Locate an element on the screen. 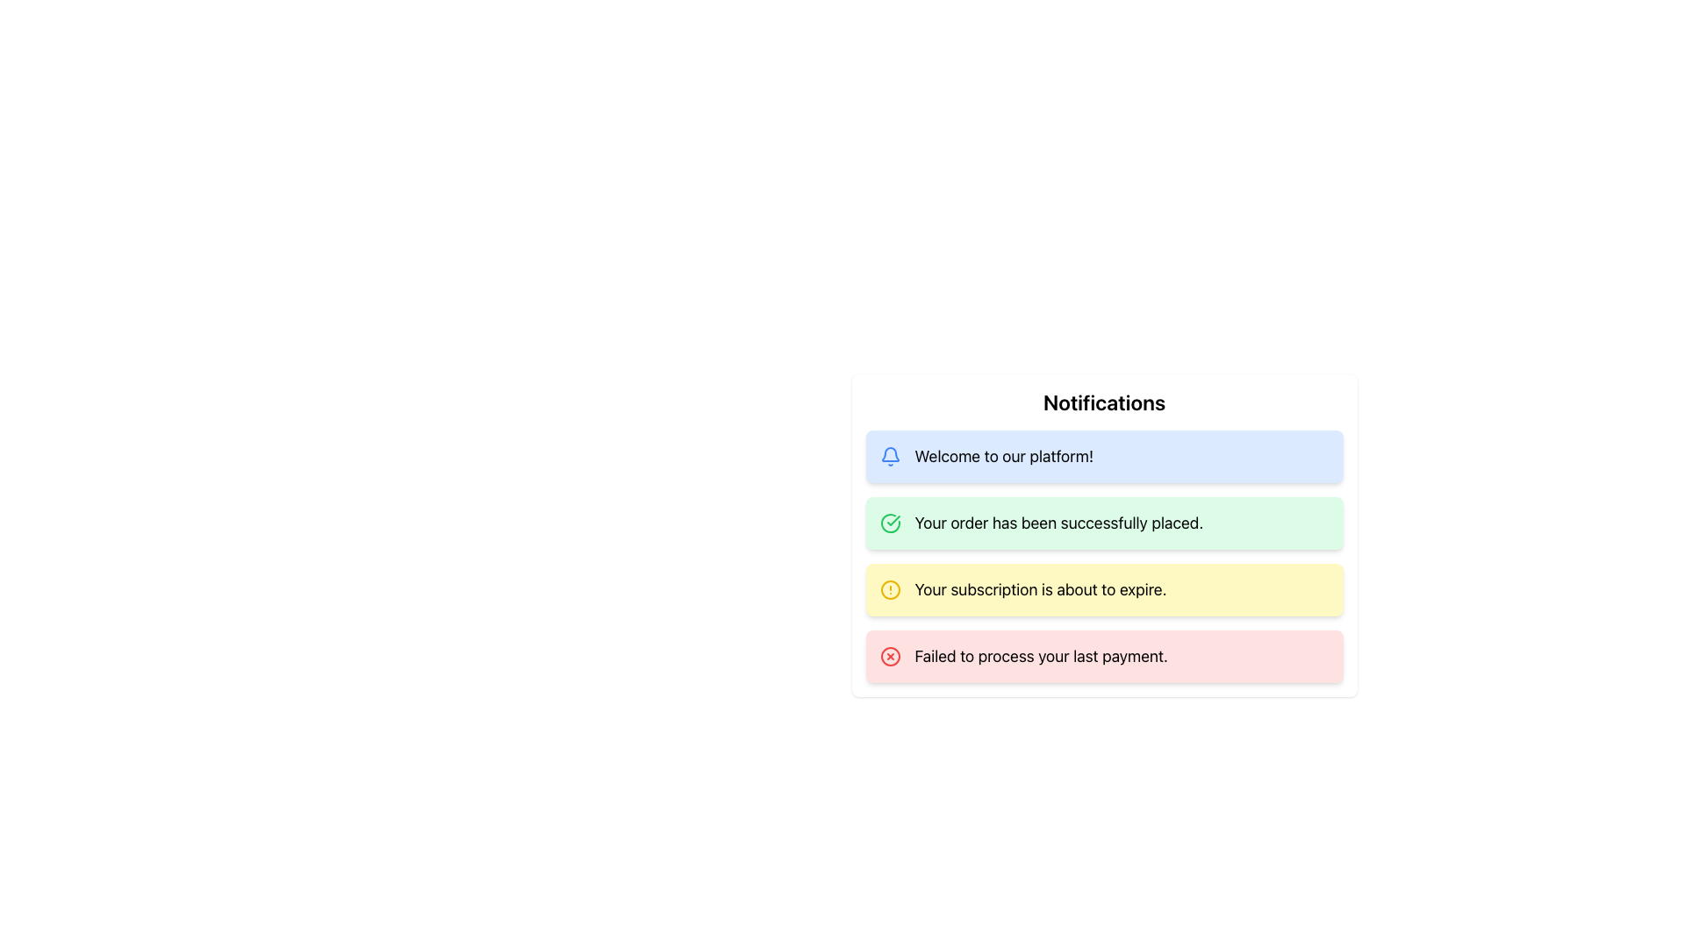  message displayed in the text label that says 'Failed to process your last payment.' which is centrally positioned in a red-tinted notification box is located at coordinates (1041, 656).